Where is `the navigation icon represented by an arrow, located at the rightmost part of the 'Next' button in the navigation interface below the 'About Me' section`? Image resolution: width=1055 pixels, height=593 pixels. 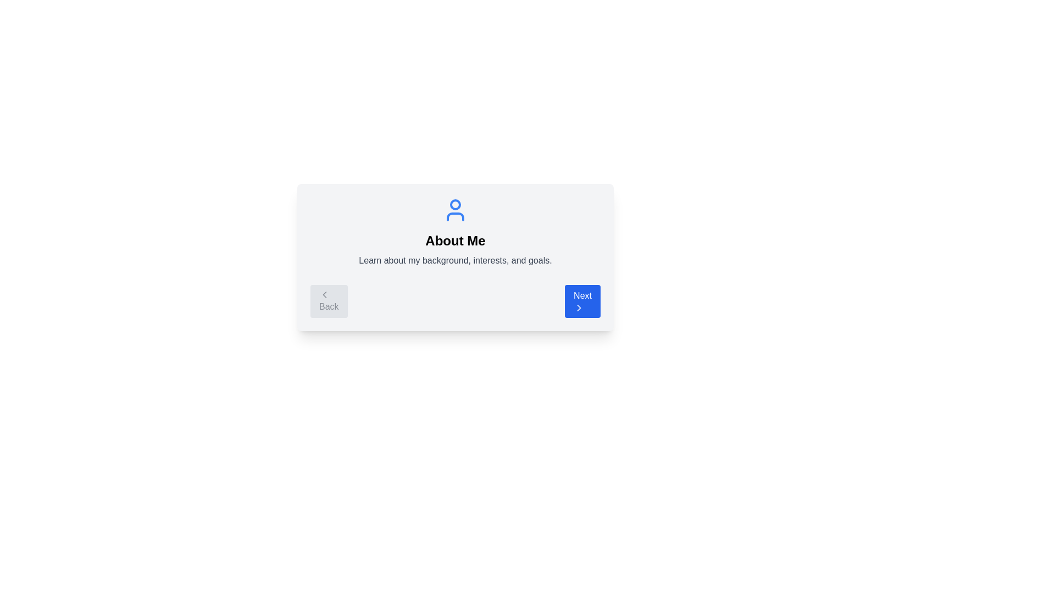
the navigation icon represented by an arrow, located at the rightmost part of the 'Next' button in the navigation interface below the 'About Me' section is located at coordinates (579, 307).